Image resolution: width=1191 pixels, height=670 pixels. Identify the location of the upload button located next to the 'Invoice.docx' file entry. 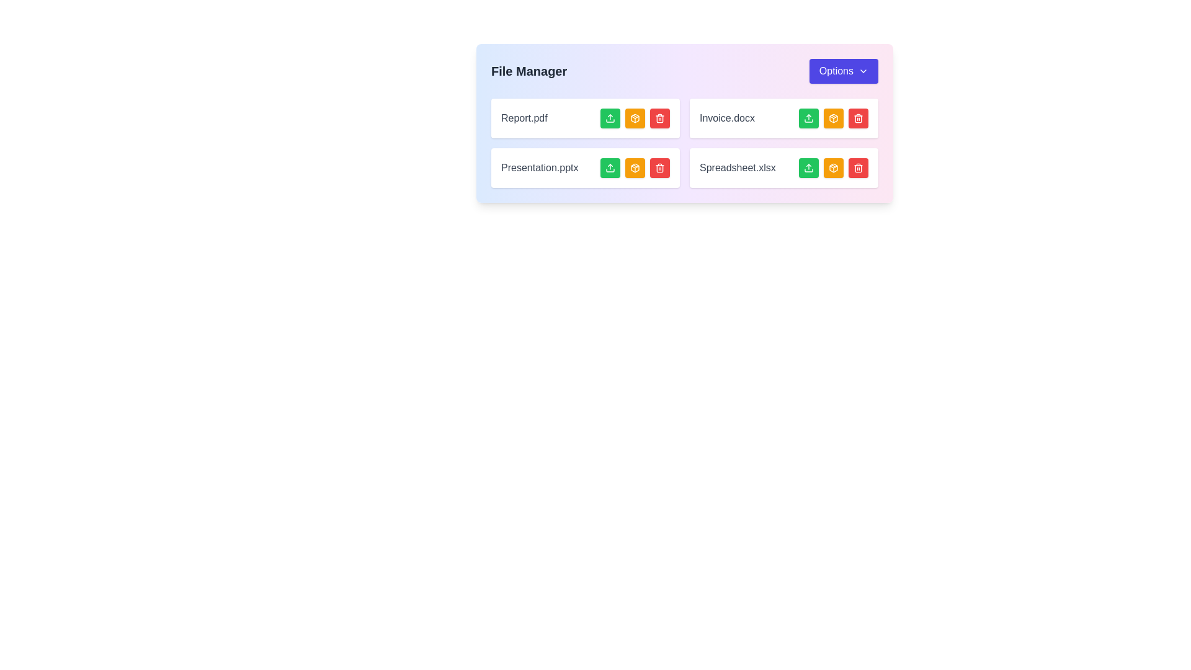
(809, 118).